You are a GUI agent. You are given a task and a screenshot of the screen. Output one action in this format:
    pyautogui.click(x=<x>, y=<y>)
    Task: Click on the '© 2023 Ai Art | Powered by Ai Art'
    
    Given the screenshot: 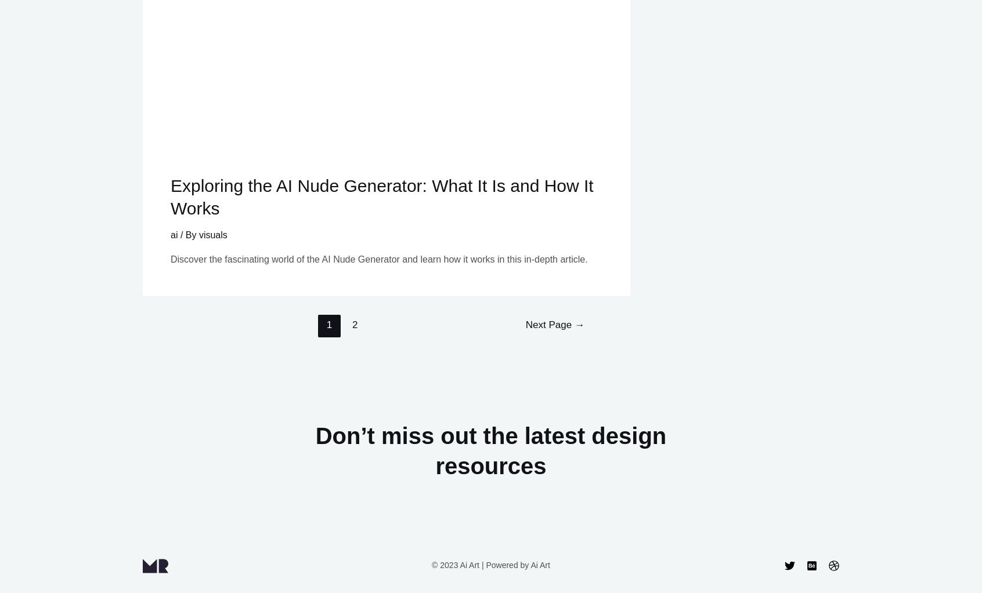 What is the action you would take?
    pyautogui.click(x=431, y=565)
    